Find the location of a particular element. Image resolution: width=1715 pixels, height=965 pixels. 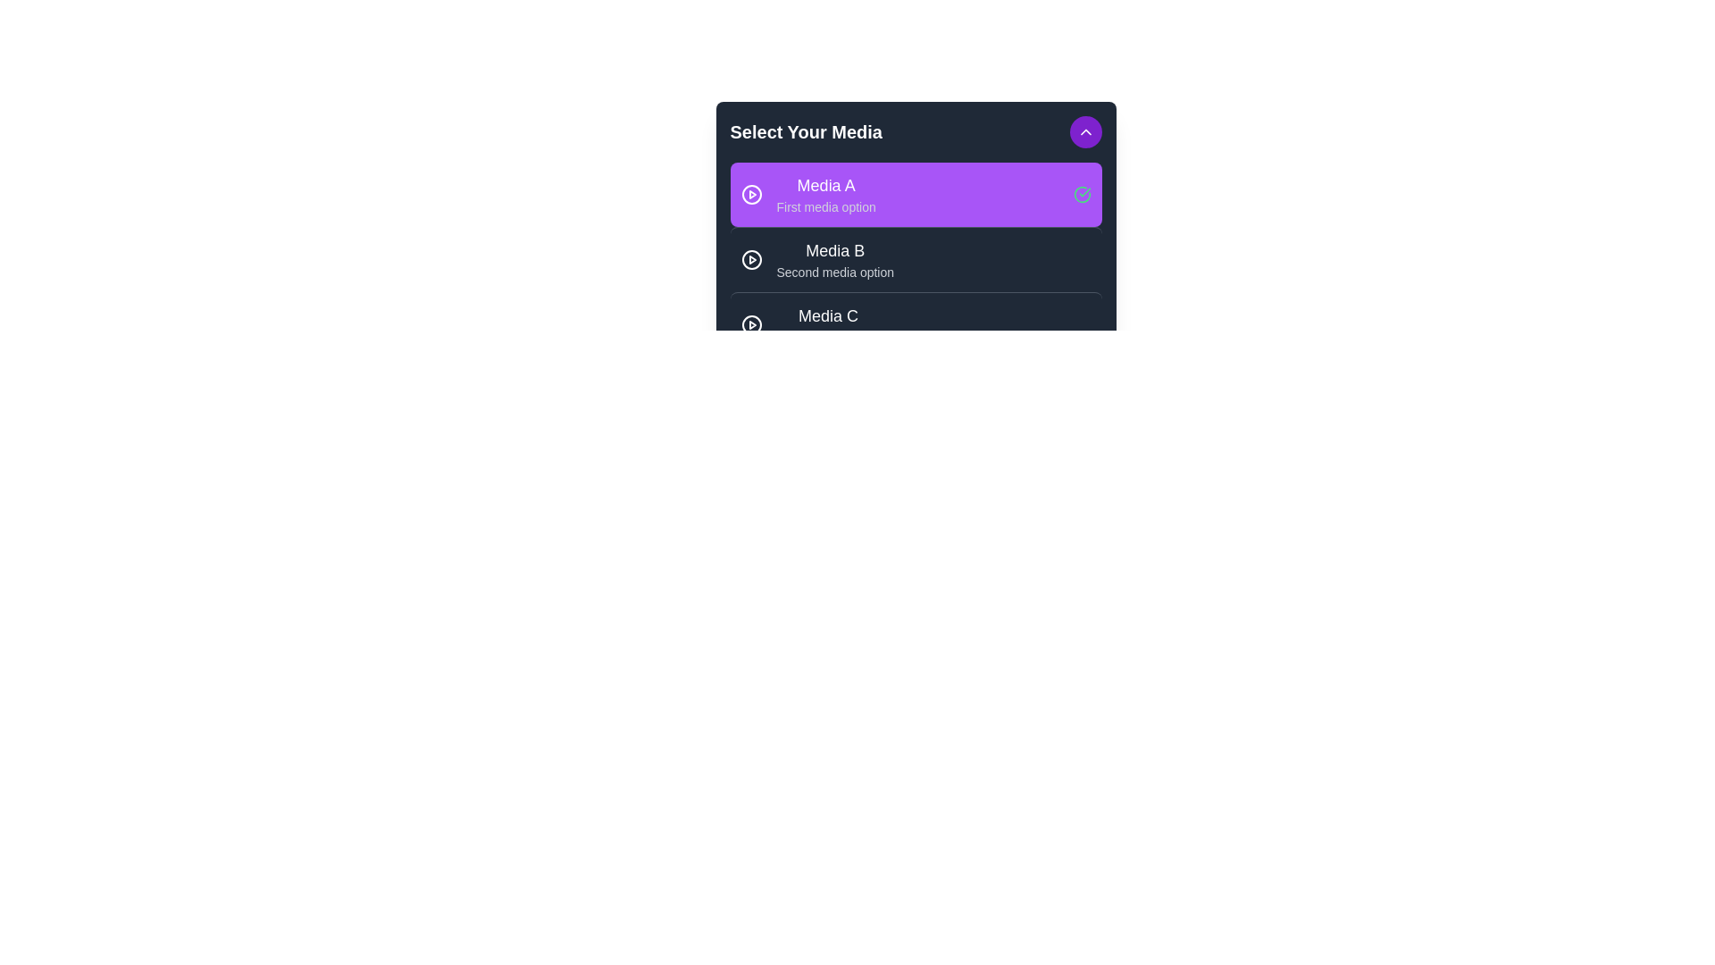

the media option Media A from the list is located at coordinates (916, 195).